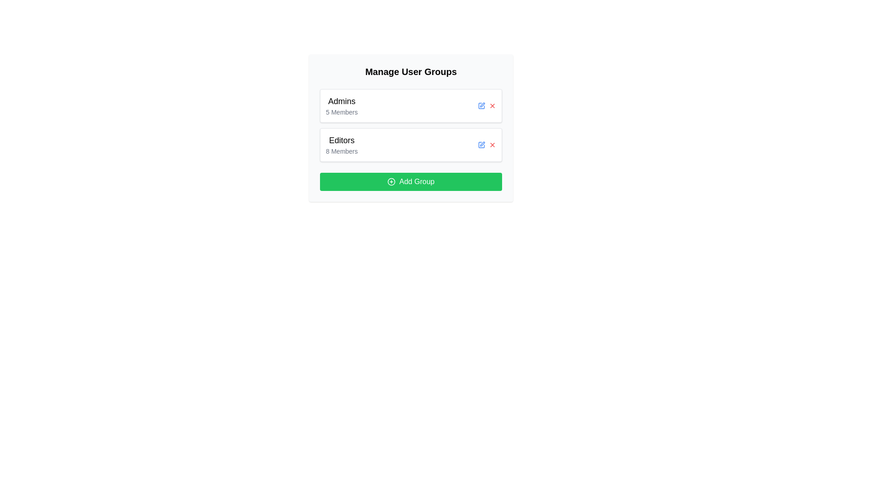 This screenshot has height=491, width=874. I want to click on the edit button for the 'Editors' user group, so click(482, 105).